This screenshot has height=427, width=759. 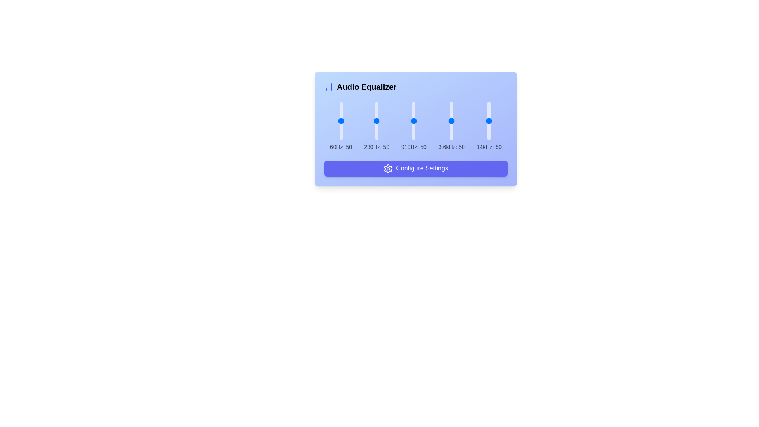 What do you see at coordinates (415, 128) in the screenshot?
I see `the vertical range slider representing '910Hz: 50' for keyboard interaction` at bounding box center [415, 128].